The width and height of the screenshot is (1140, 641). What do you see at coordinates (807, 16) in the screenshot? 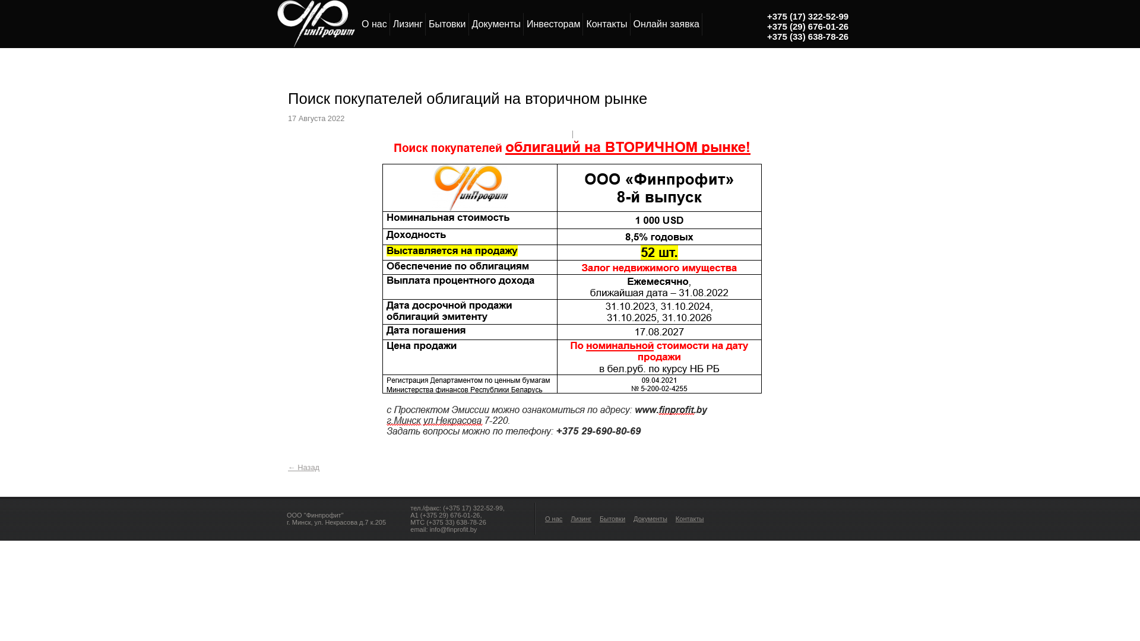
I see `'+375 (17) 322-52-99'` at bounding box center [807, 16].